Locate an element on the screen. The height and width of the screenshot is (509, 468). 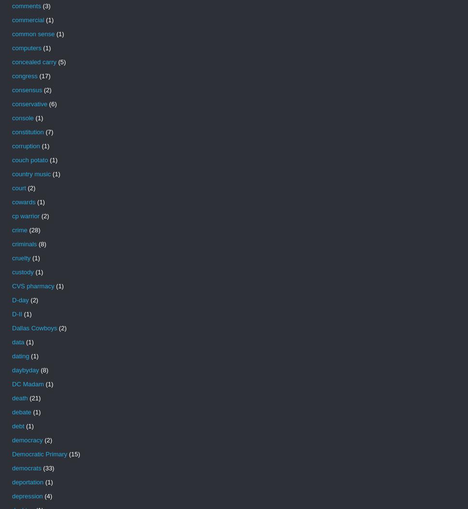
'congress' is located at coordinates (24, 76).